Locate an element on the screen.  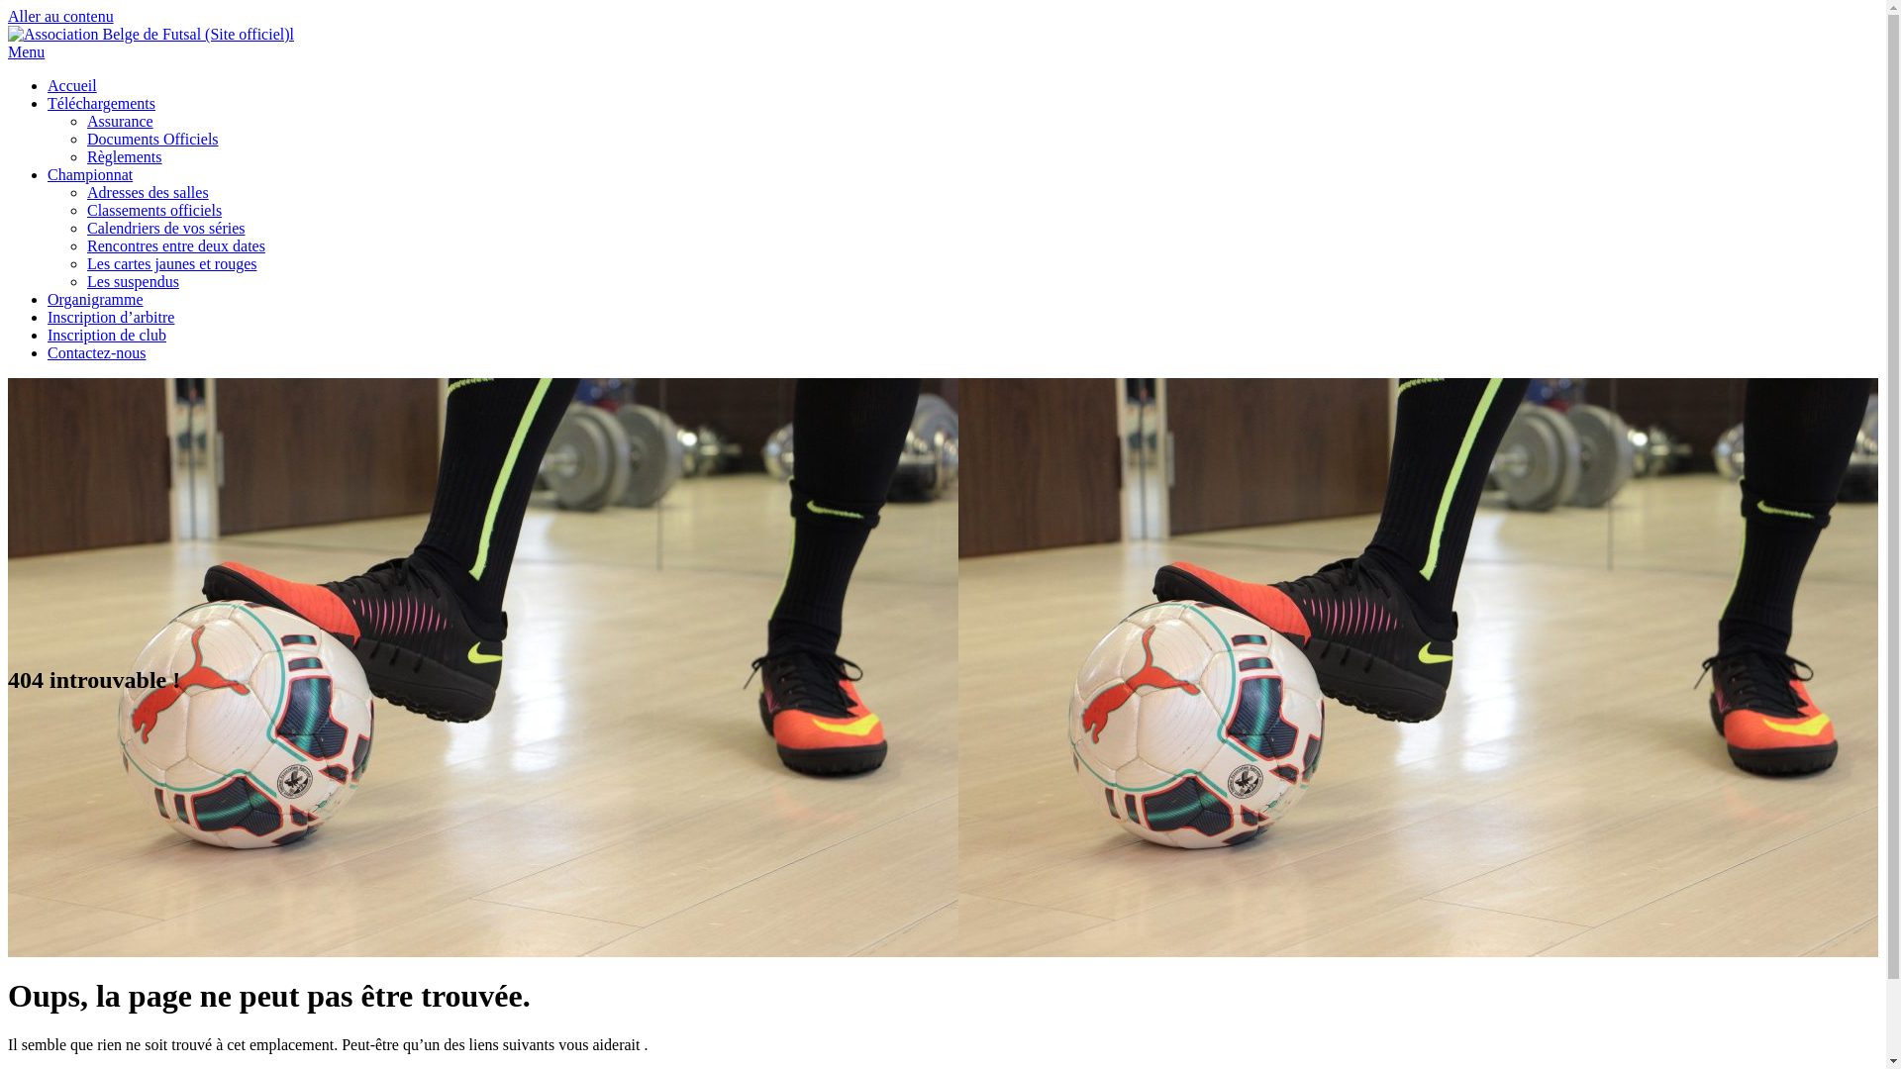
'Adresses des salles' is located at coordinates (147, 192).